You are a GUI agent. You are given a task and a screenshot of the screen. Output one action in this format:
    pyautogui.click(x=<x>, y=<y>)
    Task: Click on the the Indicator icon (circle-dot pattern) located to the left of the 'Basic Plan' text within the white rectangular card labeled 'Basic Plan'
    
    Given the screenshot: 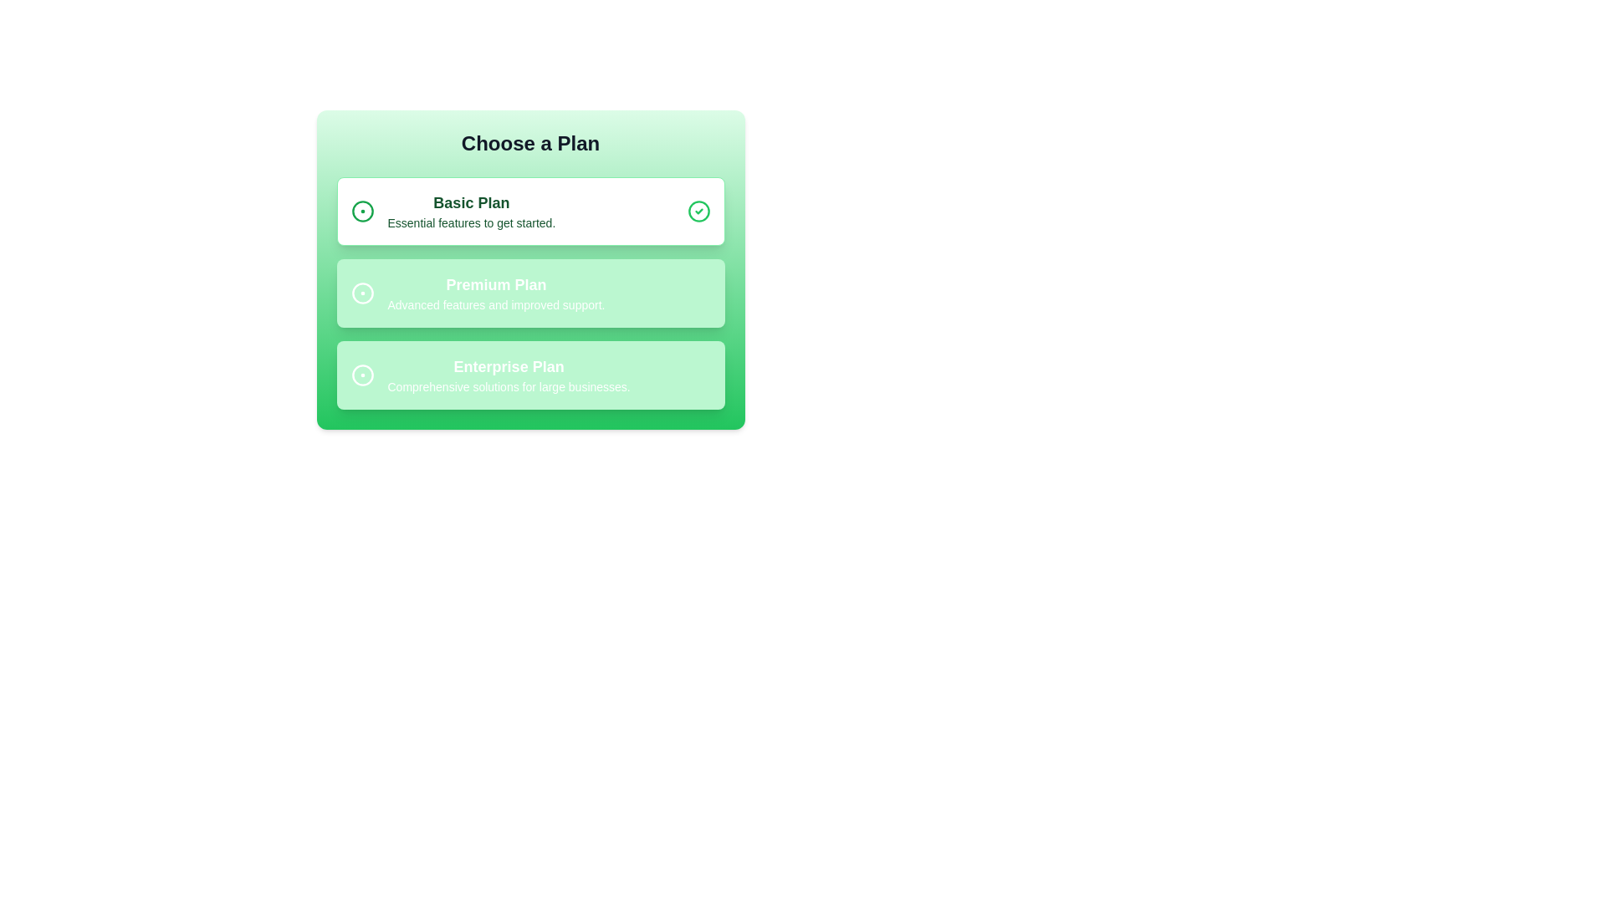 What is the action you would take?
    pyautogui.click(x=361, y=211)
    